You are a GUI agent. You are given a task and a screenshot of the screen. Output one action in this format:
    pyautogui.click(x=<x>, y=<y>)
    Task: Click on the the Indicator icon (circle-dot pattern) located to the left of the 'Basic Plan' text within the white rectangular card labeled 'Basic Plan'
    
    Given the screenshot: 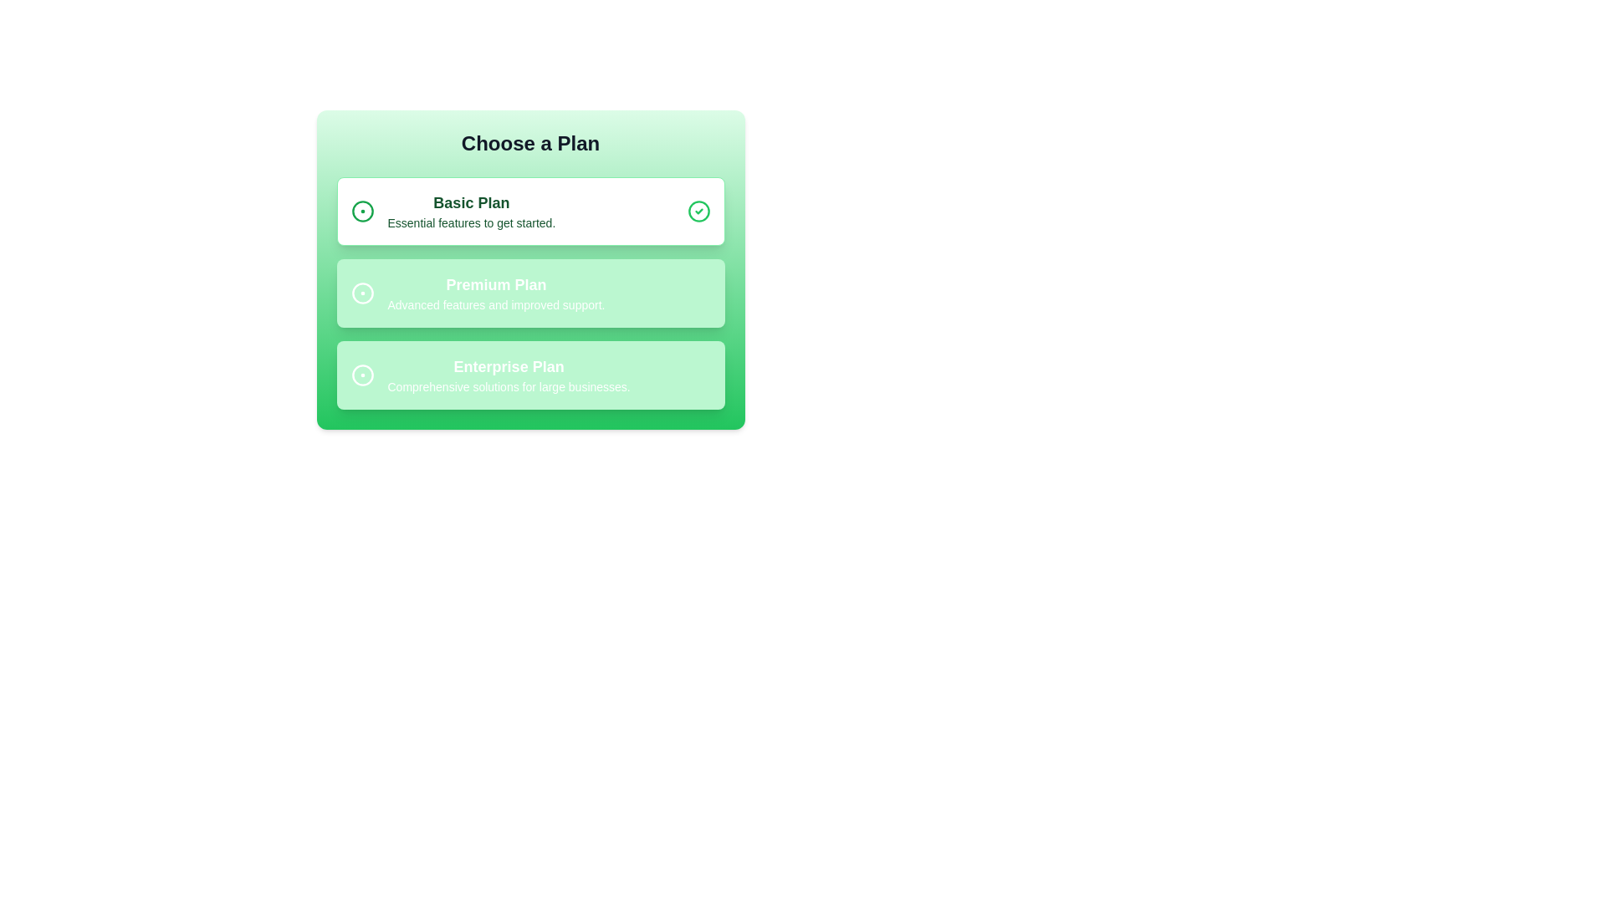 What is the action you would take?
    pyautogui.click(x=361, y=211)
    